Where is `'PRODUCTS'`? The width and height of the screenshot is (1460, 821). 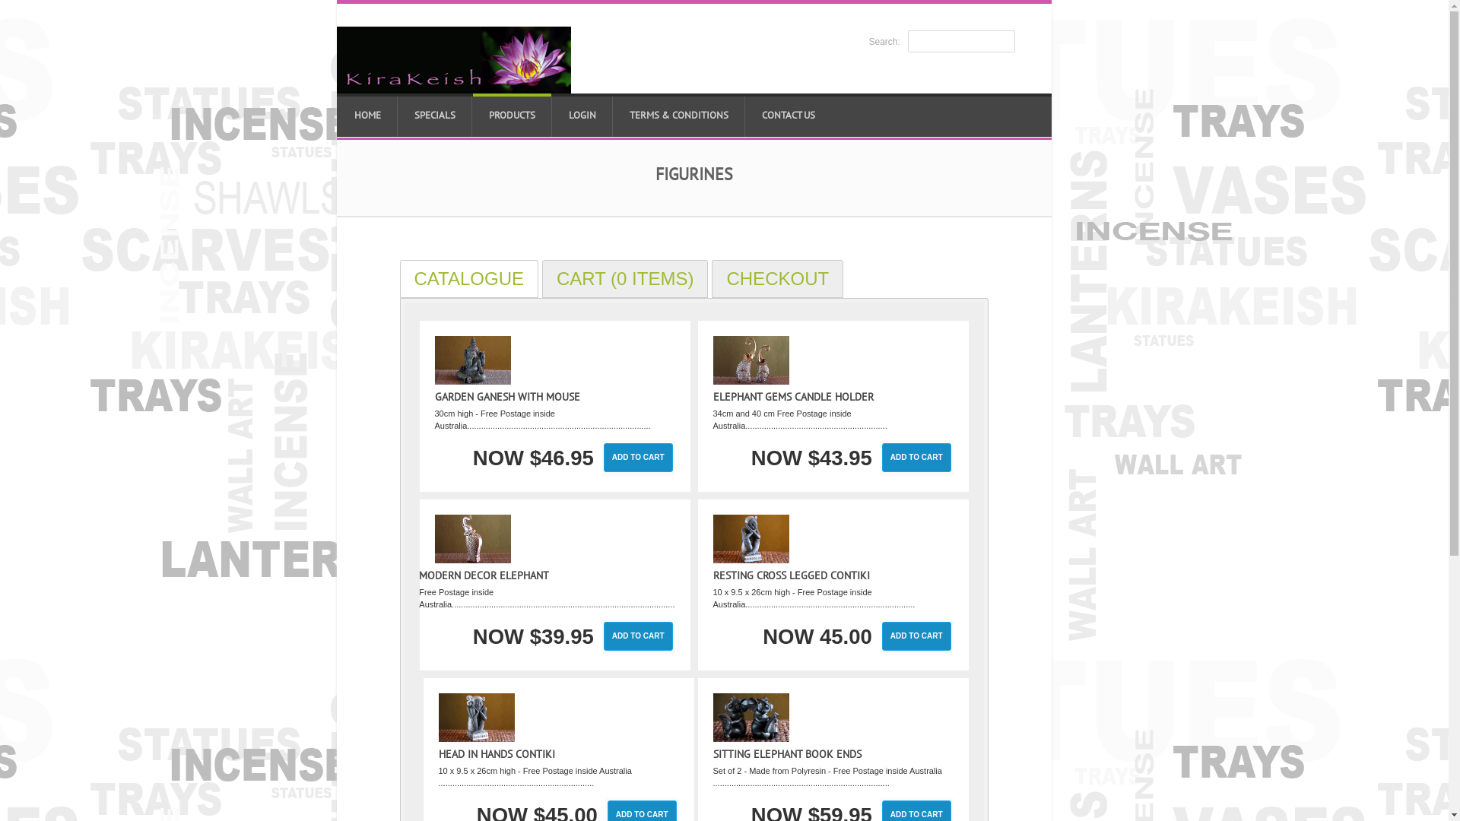
'PRODUCTS' is located at coordinates (512, 114).